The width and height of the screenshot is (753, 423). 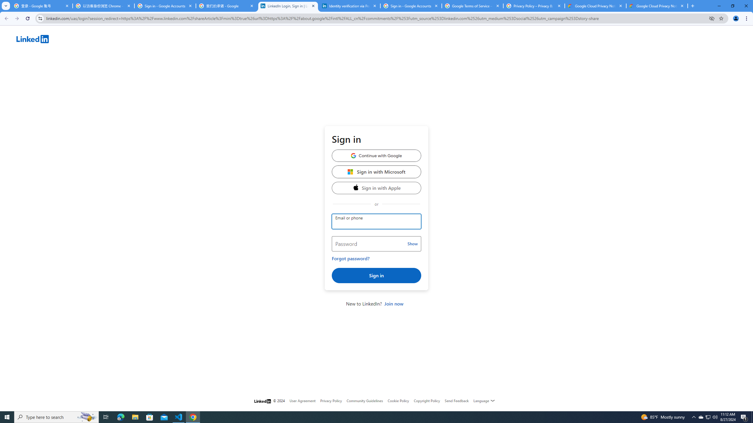 What do you see at coordinates (350, 171) in the screenshot?
I see `'Microsoft'` at bounding box center [350, 171].